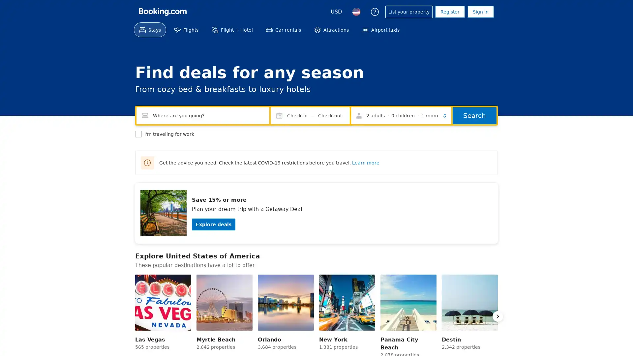 Image resolution: width=633 pixels, height=356 pixels. What do you see at coordinates (498, 316) in the screenshot?
I see `Next` at bounding box center [498, 316].